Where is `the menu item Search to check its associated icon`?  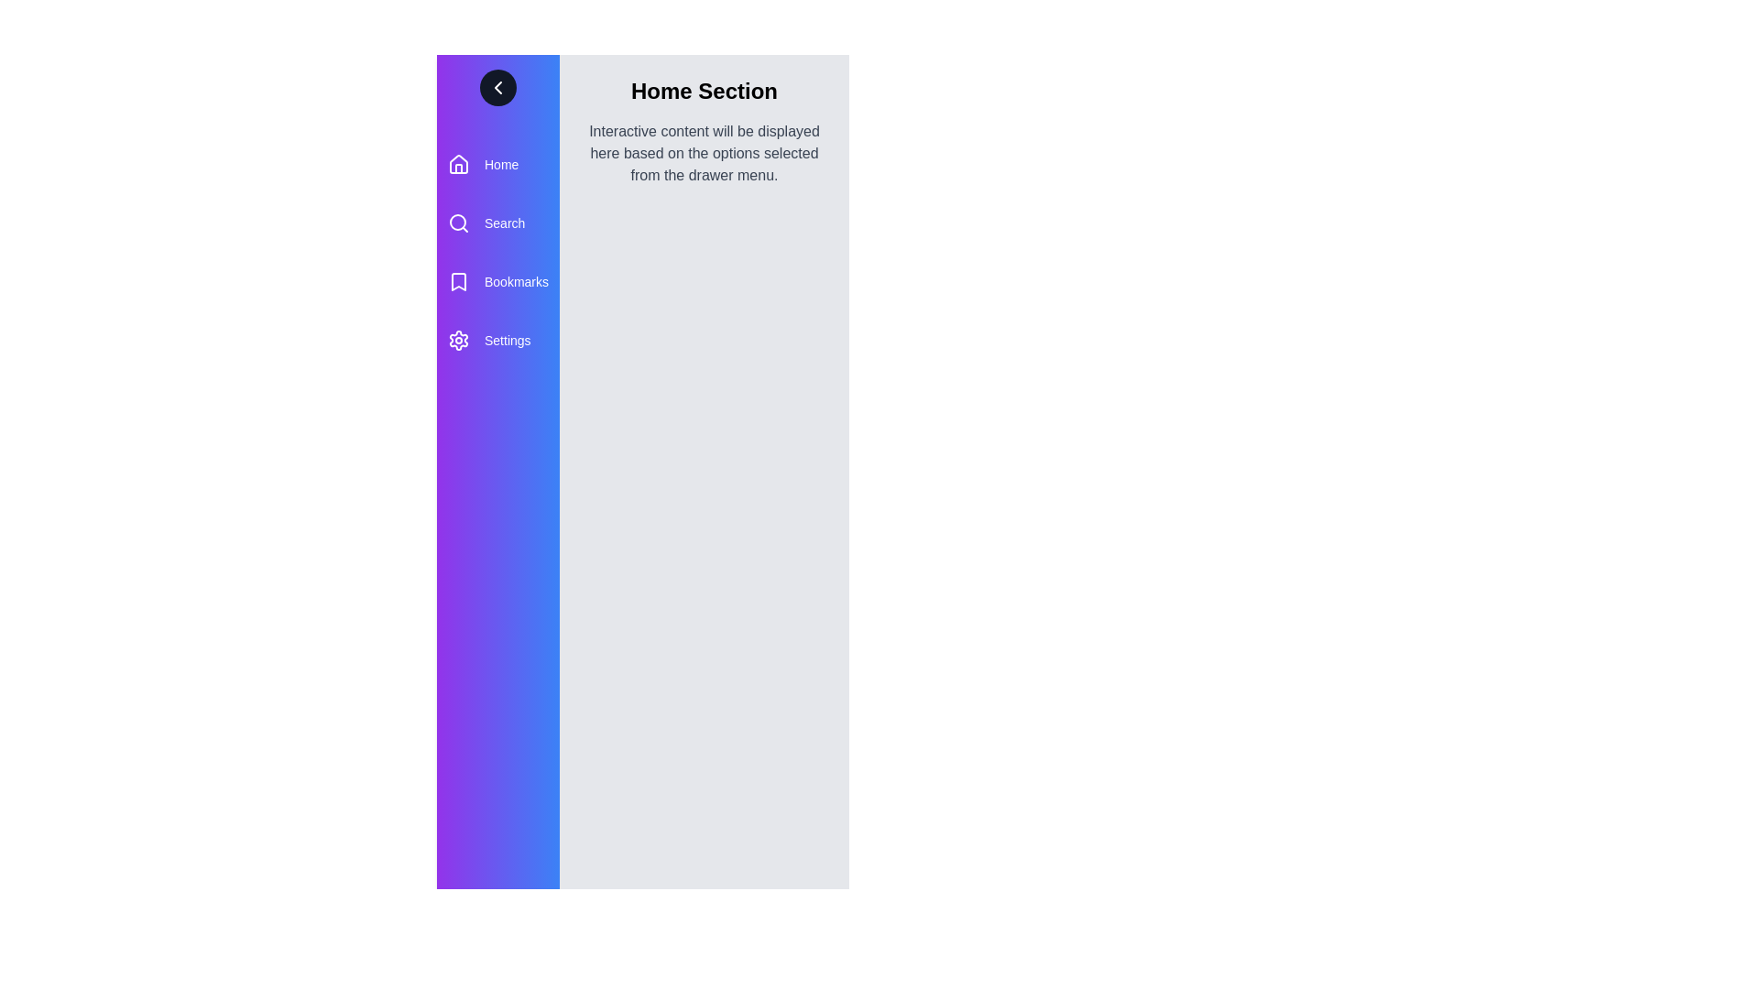 the menu item Search to check its associated icon is located at coordinates (458, 222).